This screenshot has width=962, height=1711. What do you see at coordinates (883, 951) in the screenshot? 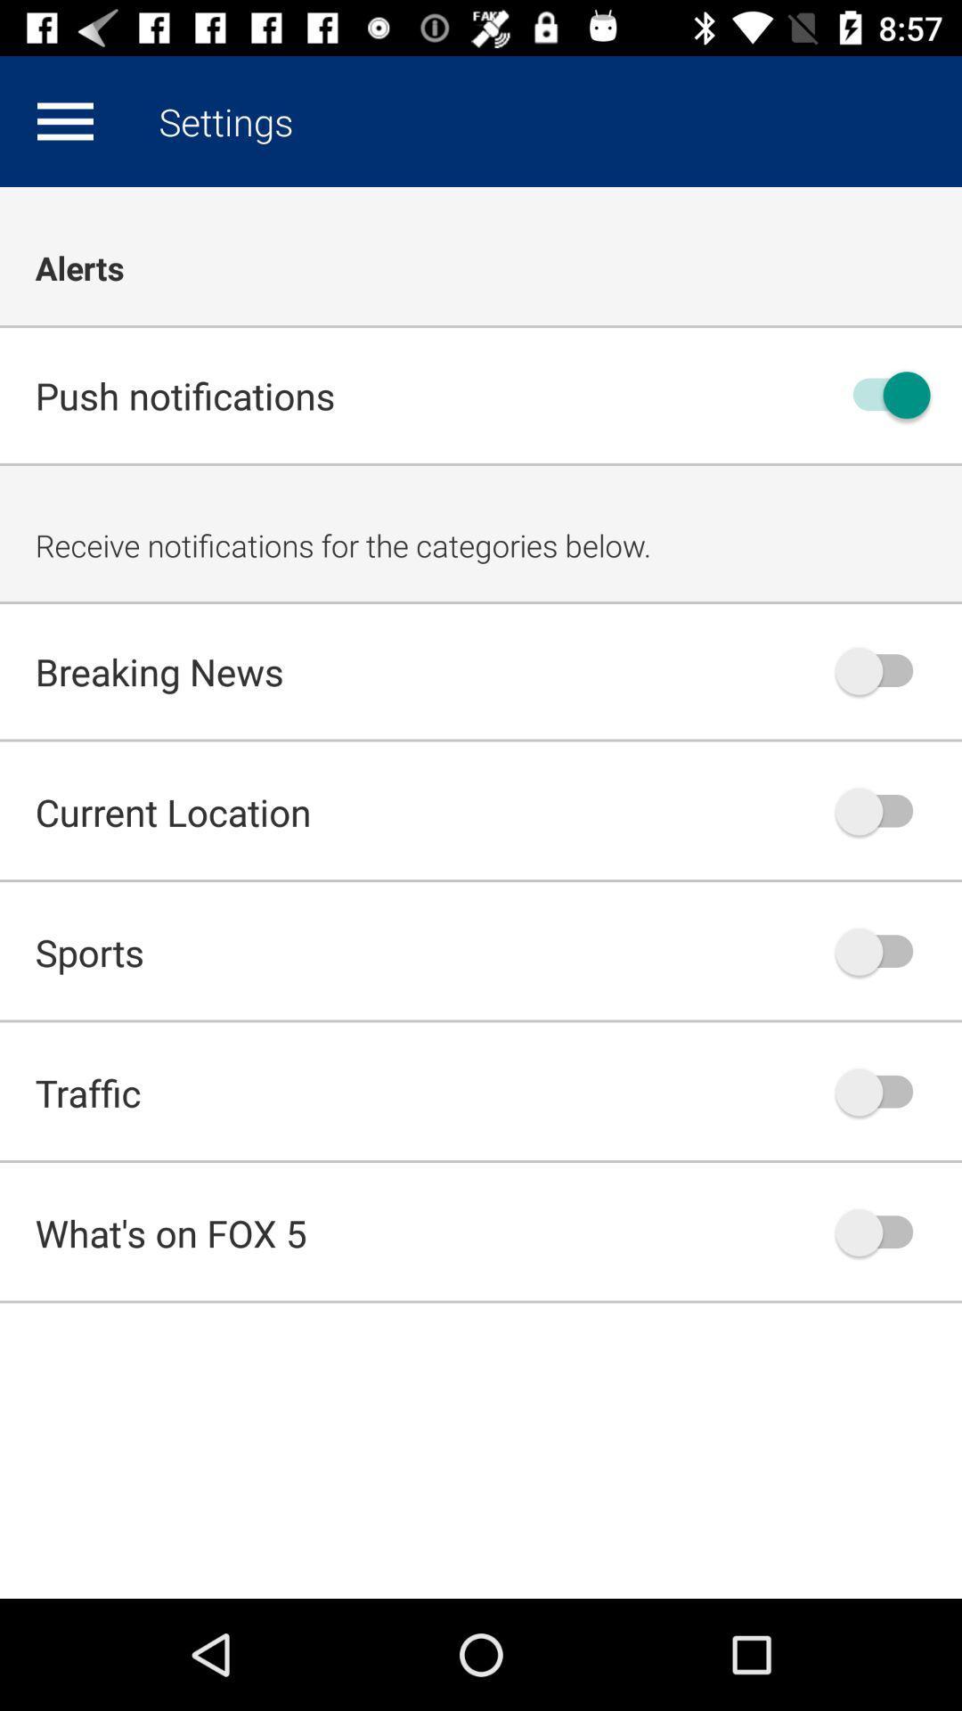
I see `notification option` at bounding box center [883, 951].